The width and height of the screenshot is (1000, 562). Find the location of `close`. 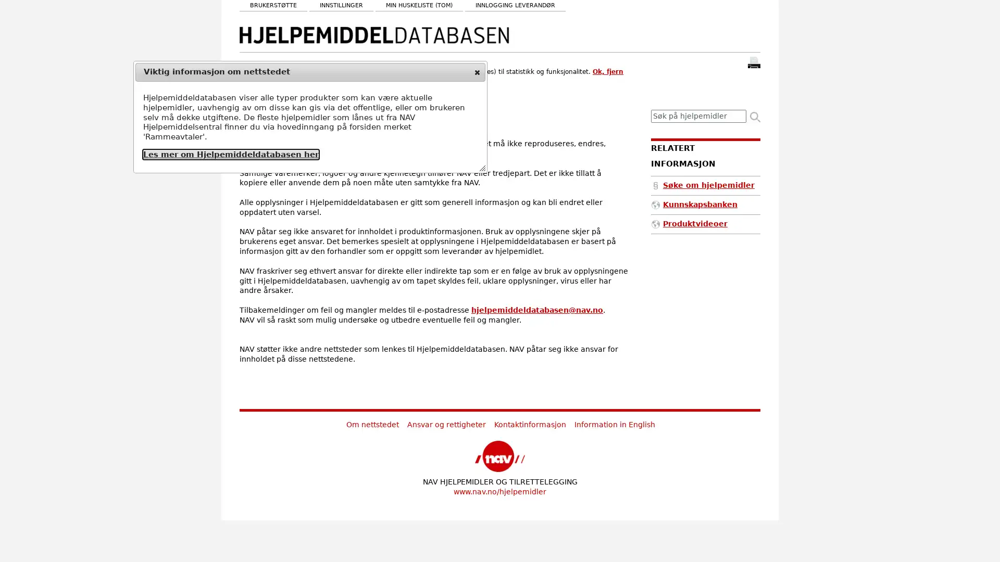

close is located at coordinates (476, 71).